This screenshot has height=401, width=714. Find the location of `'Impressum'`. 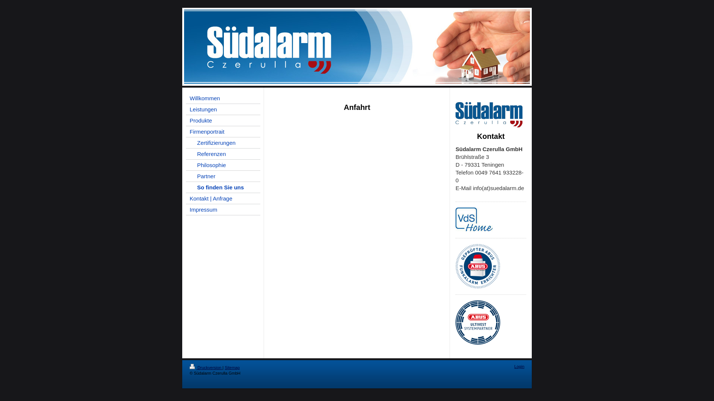

'Impressum' is located at coordinates (223, 209).